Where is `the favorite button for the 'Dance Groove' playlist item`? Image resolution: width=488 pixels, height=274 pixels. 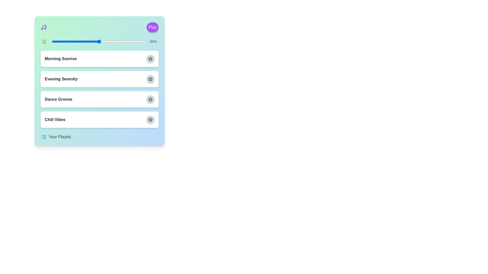 the favorite button for the 'Dance Groove' playlist item is located at coordinates (150, 99).